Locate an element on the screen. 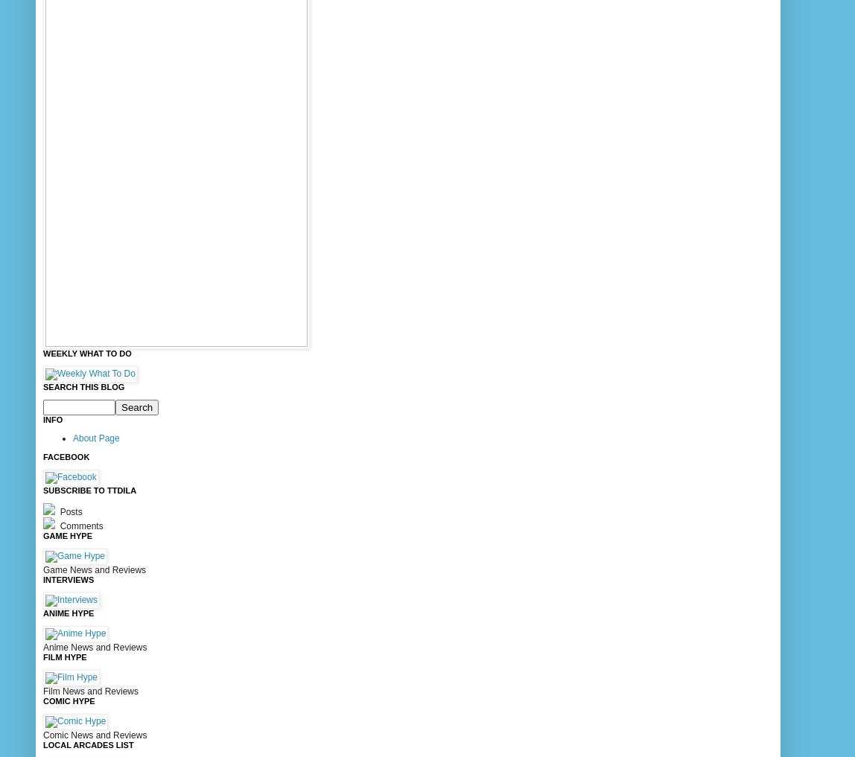 The image size is (855, 757). 'Facebook' is located at coordinates (42, 456).